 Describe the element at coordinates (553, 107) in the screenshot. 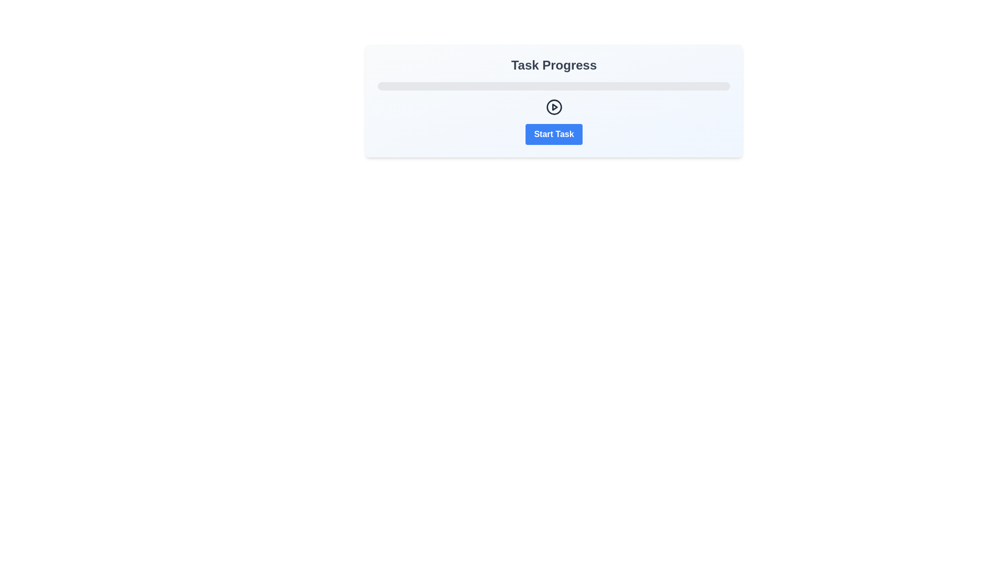

I see `the outer circle of the play button icon, which is centrally located above the 'Start Task' button and below the progress bar` at that location.